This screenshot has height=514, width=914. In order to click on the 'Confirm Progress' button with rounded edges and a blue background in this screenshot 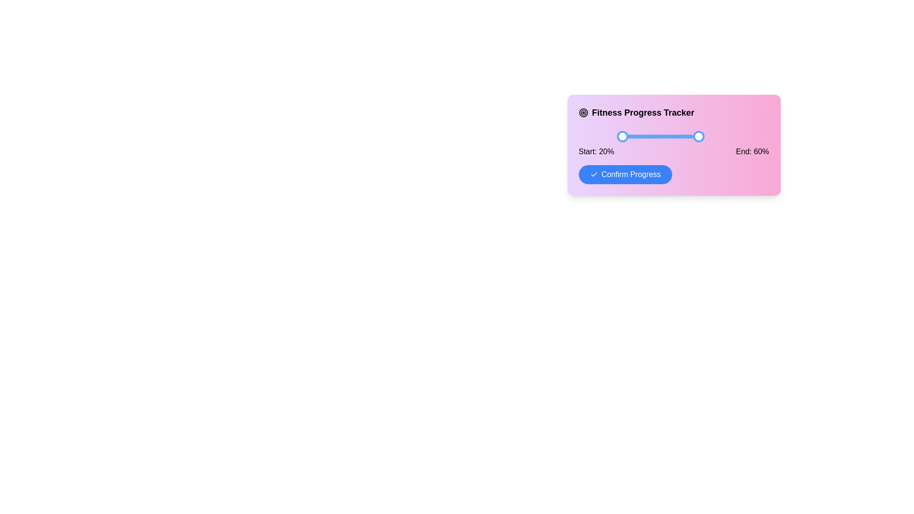, I will do `click(625, 174)`.